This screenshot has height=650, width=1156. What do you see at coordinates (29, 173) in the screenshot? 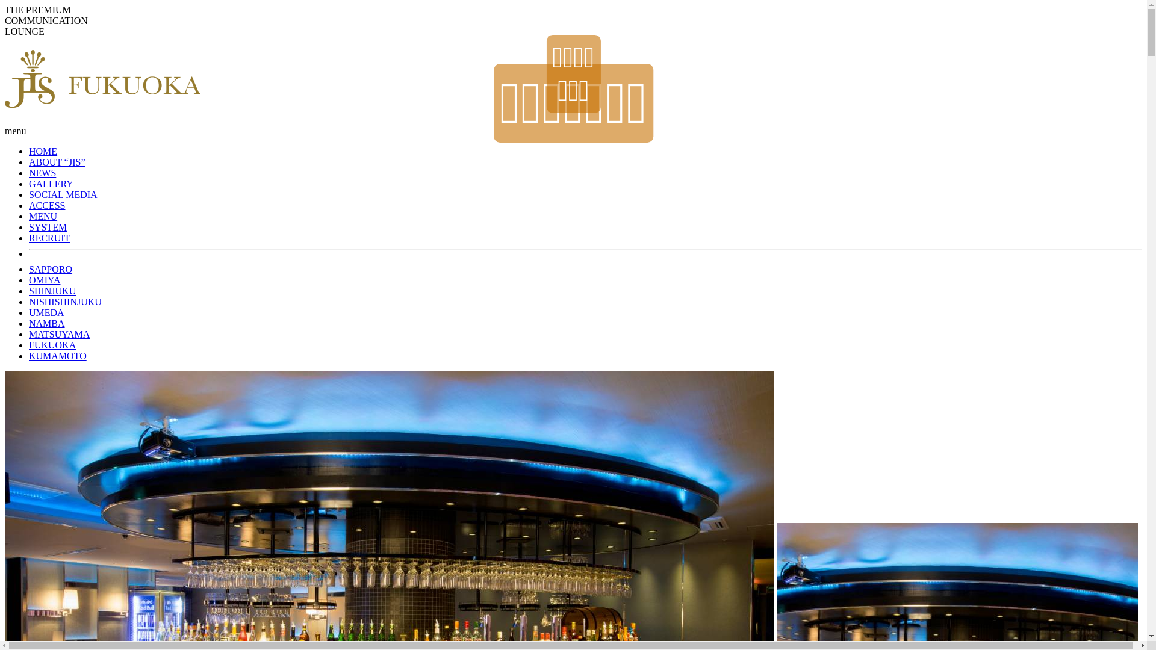
I see `'NEWS'` at bounding box center [29, 173].